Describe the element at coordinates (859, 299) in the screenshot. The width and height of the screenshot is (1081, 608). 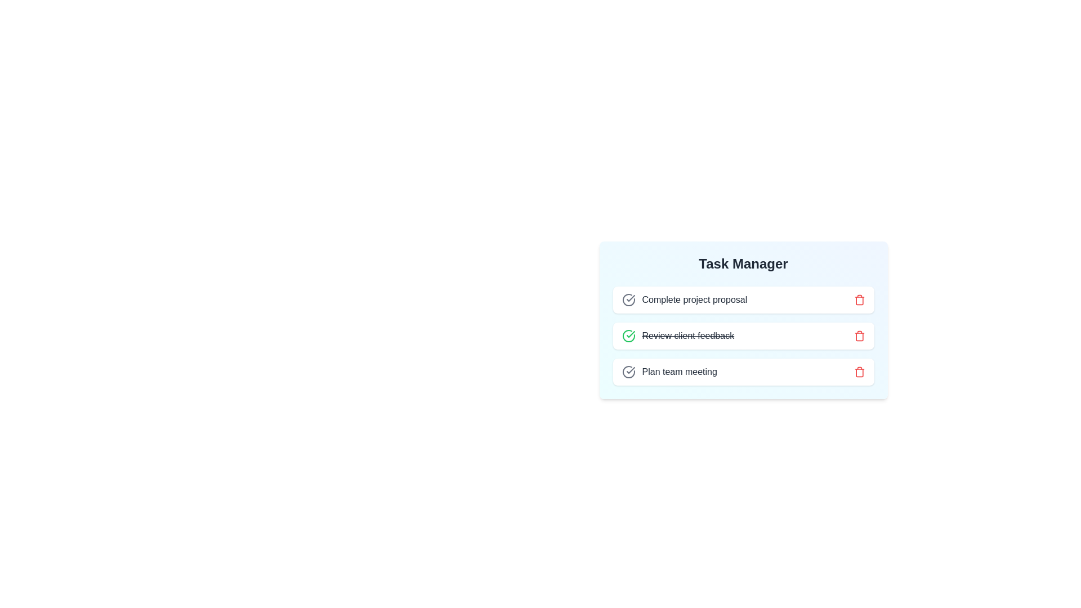
I see `the delete button for the task 'Complete project proposal'` at that location.